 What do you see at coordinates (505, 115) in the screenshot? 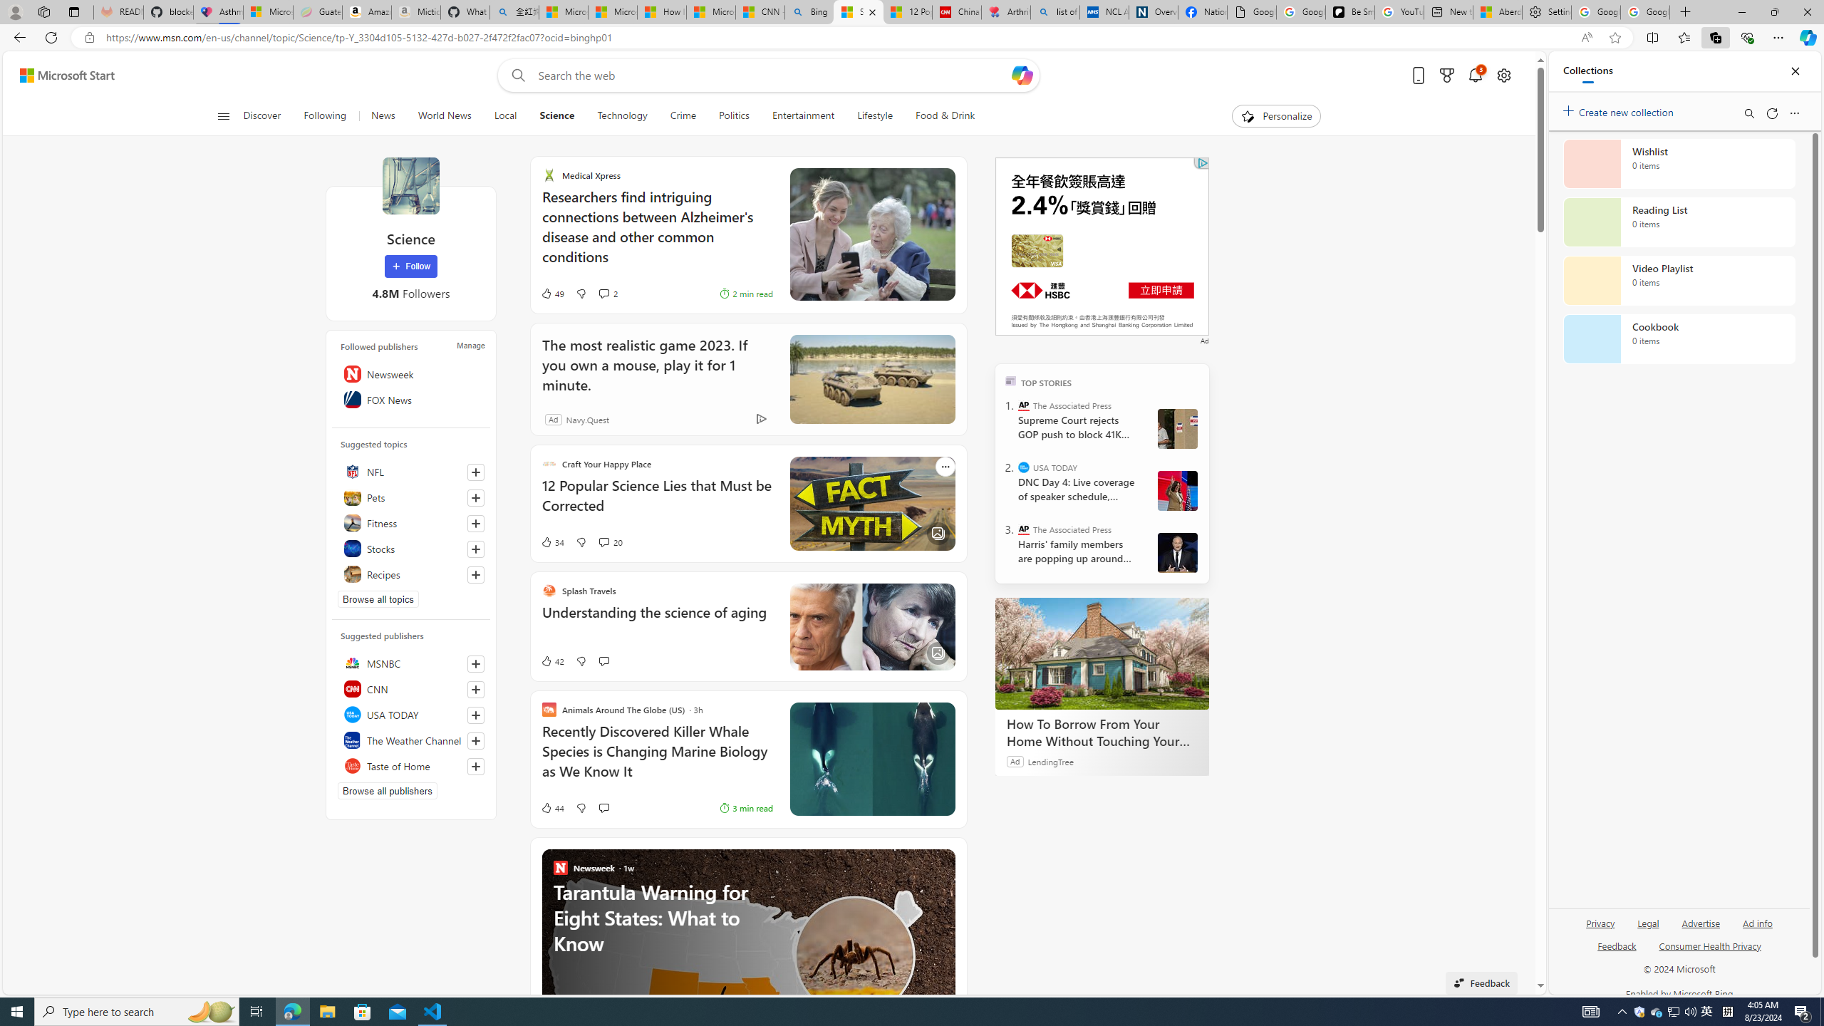
I see `'Local'` at bounding box center [505, 115].